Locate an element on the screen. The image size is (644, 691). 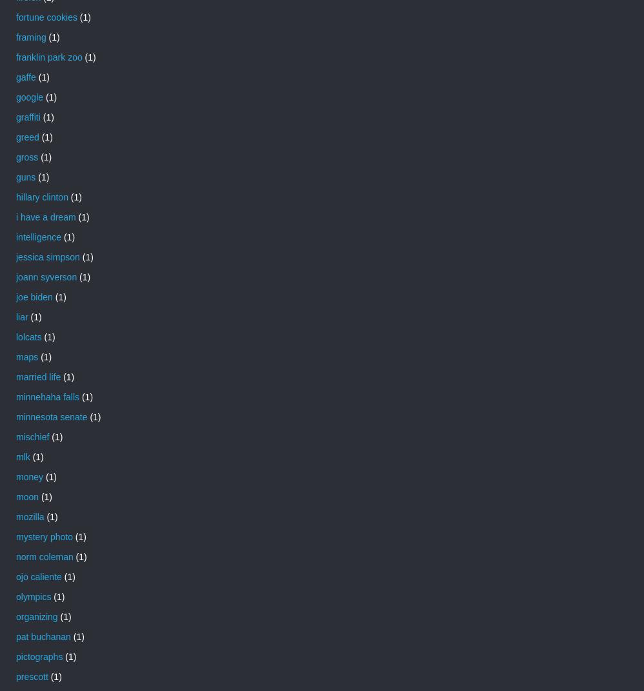
'hillary clinton' is located at coordinates (41, 195).